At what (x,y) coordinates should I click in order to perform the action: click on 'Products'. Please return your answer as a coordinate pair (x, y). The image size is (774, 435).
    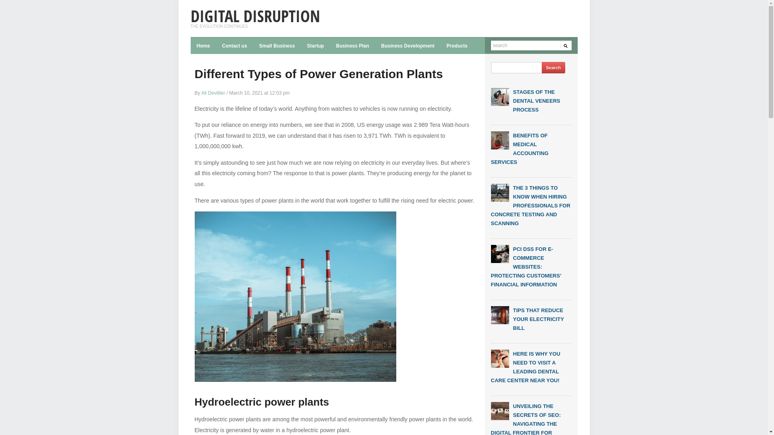
    Looking at the image, I should click on (440, 45).